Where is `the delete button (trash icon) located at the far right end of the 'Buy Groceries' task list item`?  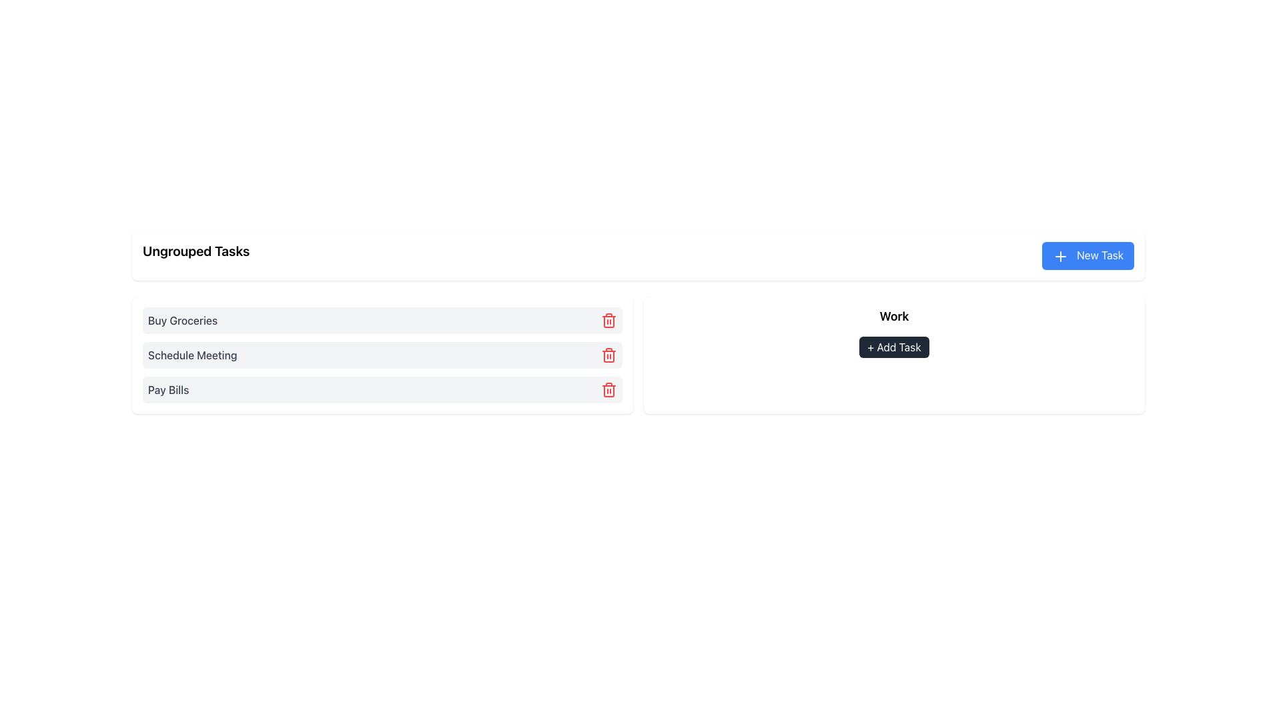
the delete button (trash icon) located at the far right end of the 'Buy Groceries' task list item is located at coordinates (608, 319).